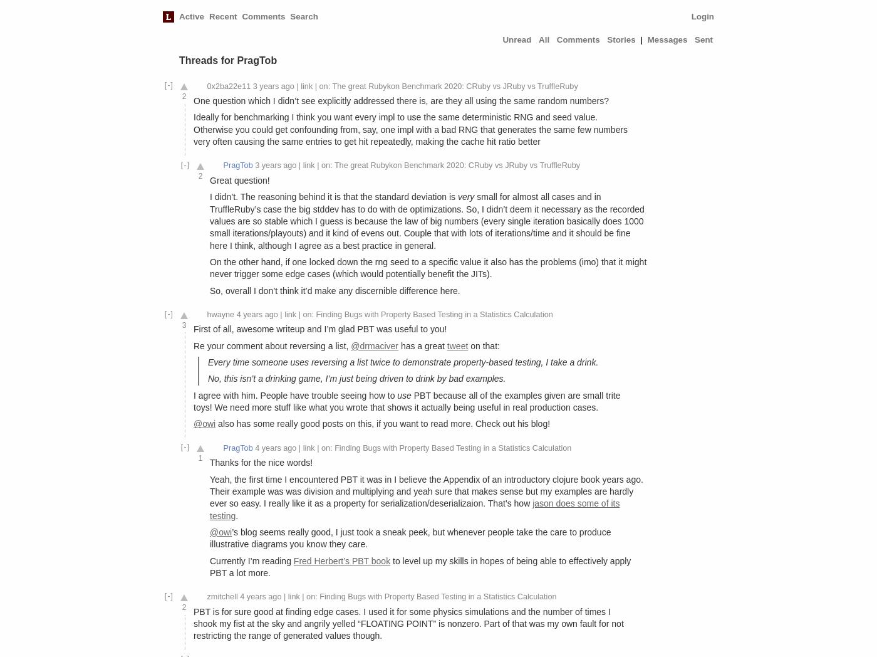 This screenshot has width=877, height=657. I want to click on '1', so click(200, 457).